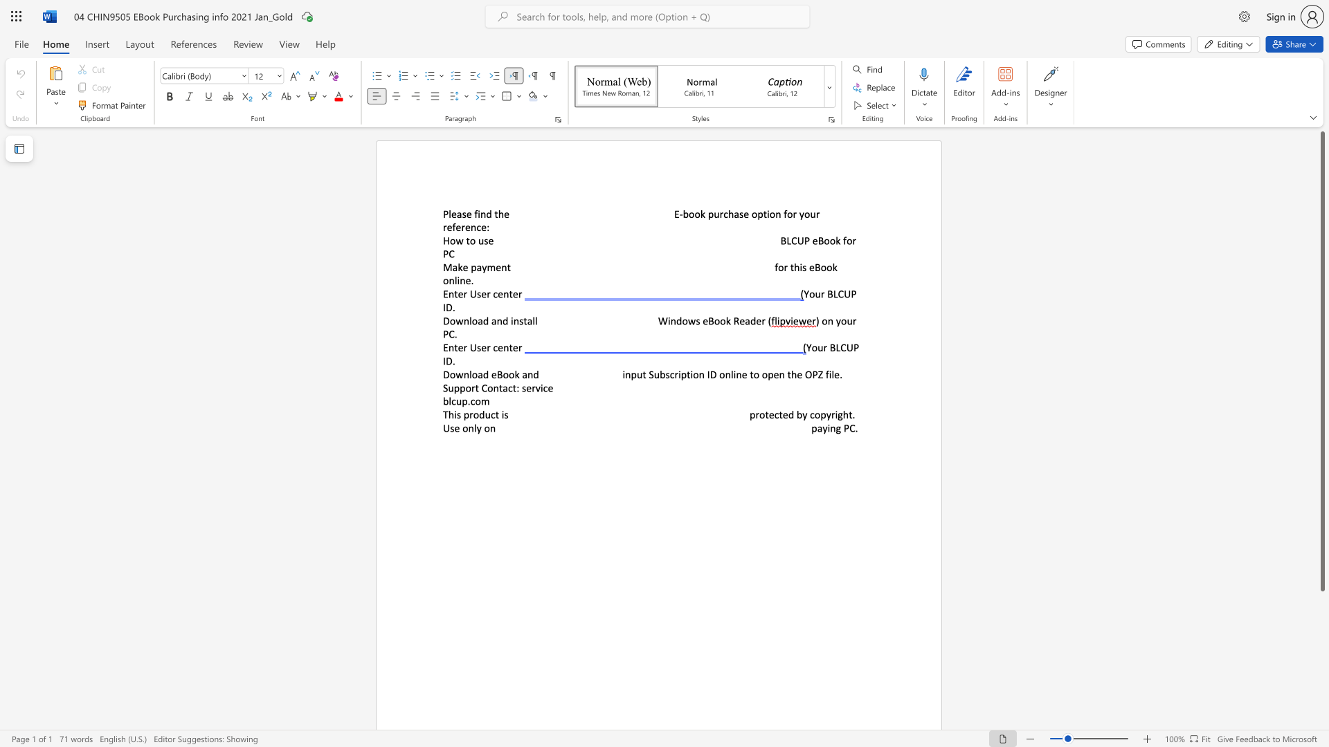 Image resolution: width=1329 pixels, height=747 pixels. What do you see at coordinates (497, 414) in the screenshot?
I see `the 1th character "t" in the text` at bounding box center [497, 414].